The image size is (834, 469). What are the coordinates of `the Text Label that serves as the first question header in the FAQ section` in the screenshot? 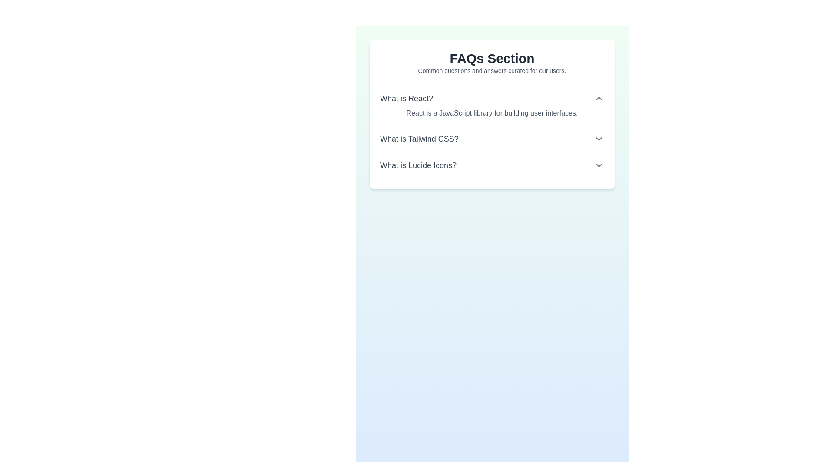 It's located at (406, 98).